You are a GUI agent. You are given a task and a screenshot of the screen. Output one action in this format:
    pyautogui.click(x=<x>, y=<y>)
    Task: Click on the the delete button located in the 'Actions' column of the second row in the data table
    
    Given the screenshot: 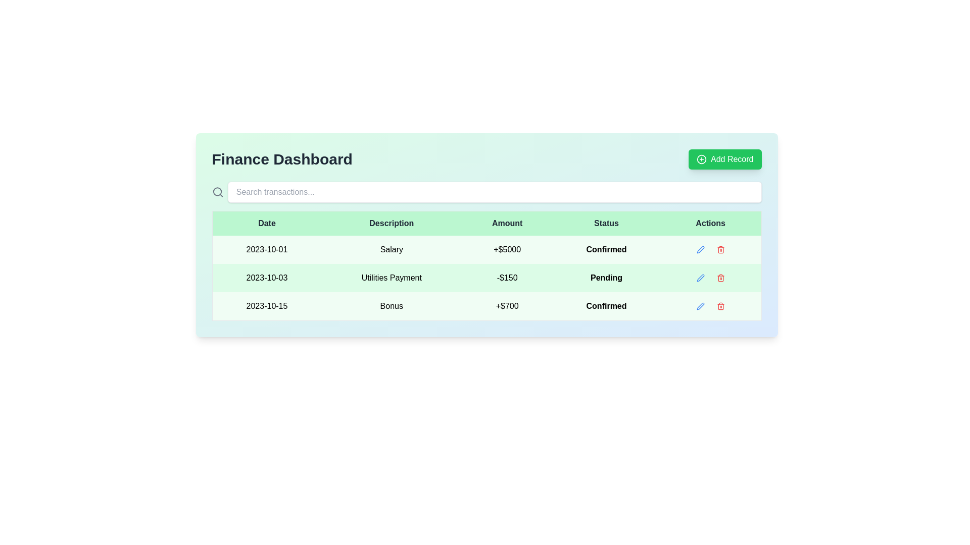 What is the action you would take?
    pyautogui.click(x=720, y=278)
    